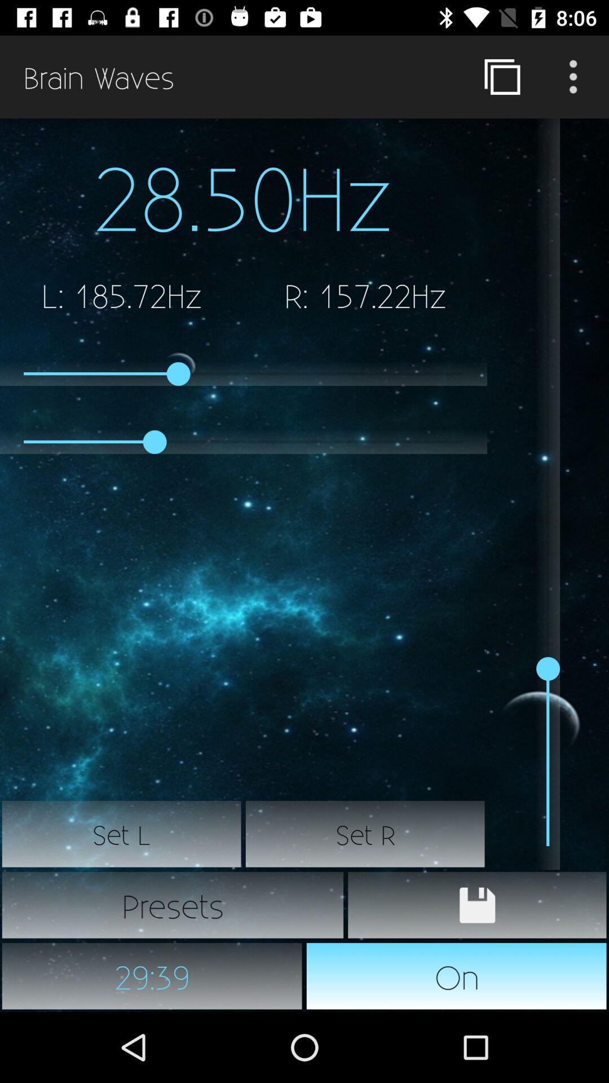 This screenshot has width=609, height=1083. I want to click on the item below presets item, so click(457, 976).